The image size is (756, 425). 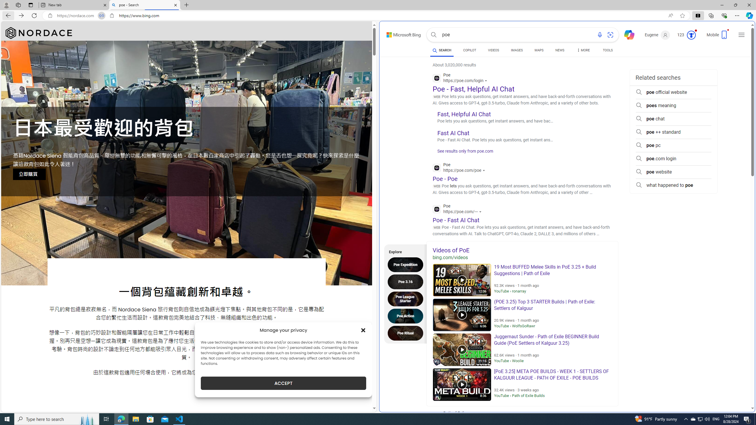 I want to click on 'what happened to poe', so click(x=673, y=185).